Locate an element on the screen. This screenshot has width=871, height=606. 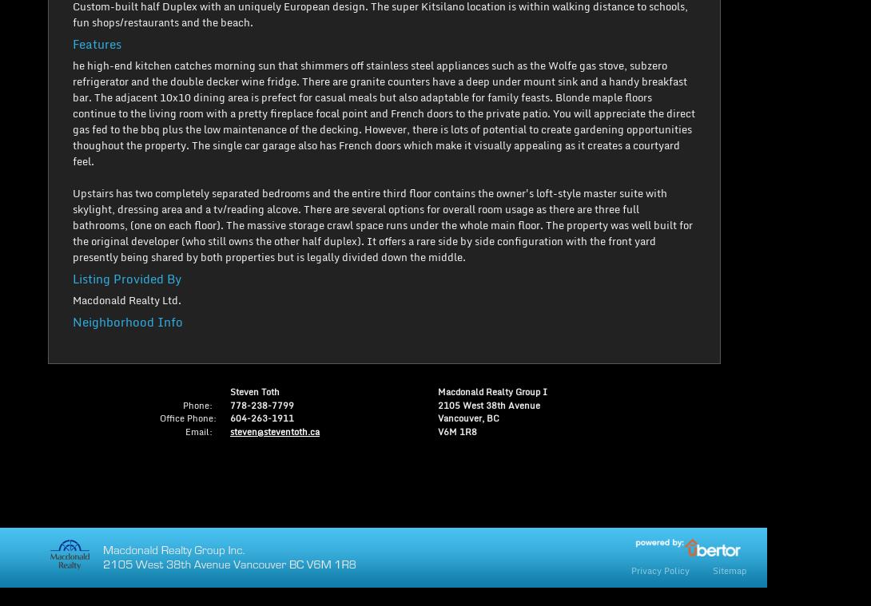
'Macdonald Realty Ltd.' is located at coordinates (127, 299).